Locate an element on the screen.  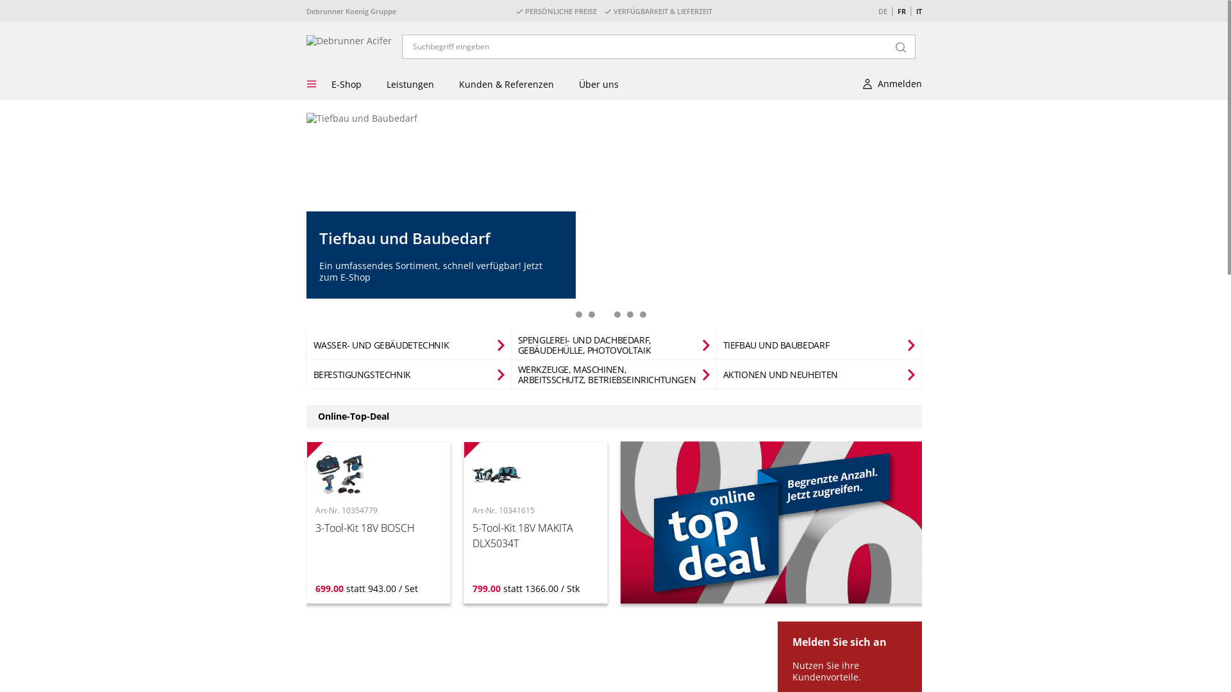
'DE' is located at coordinates (877, 11).